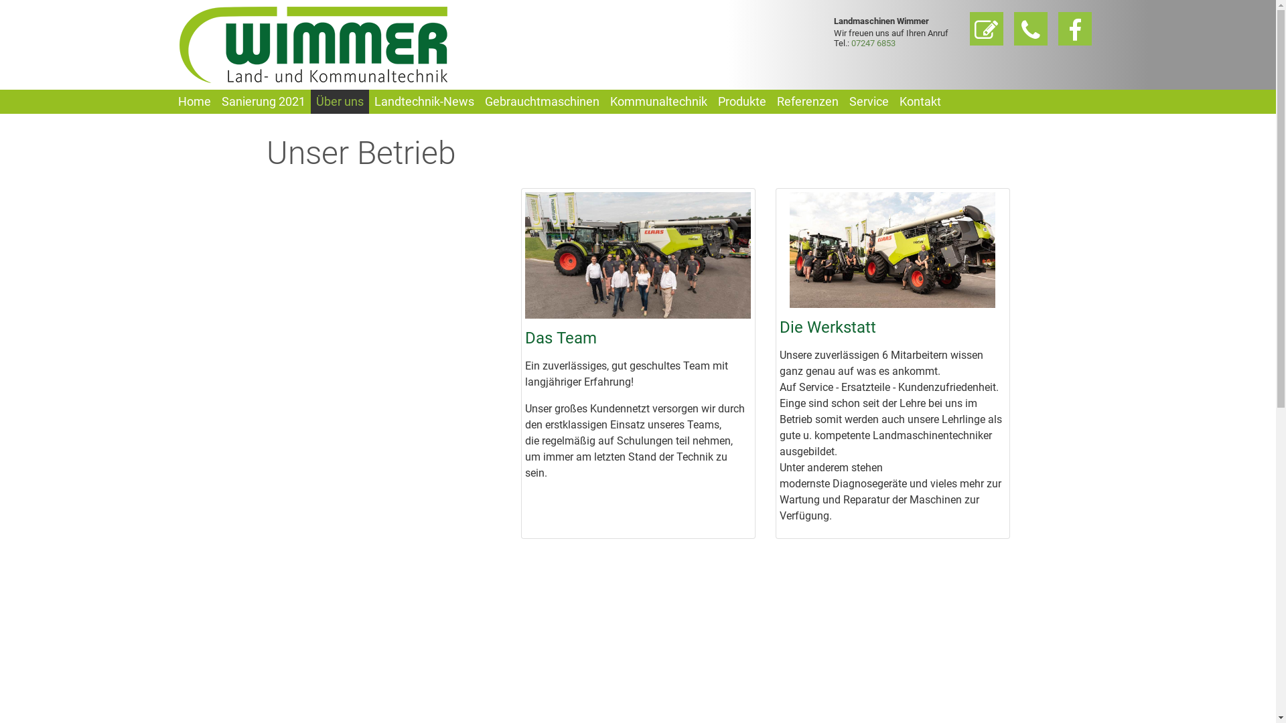 This screenshot has height=723, width=1286. I want to click on 'Home', so click(172, 100).